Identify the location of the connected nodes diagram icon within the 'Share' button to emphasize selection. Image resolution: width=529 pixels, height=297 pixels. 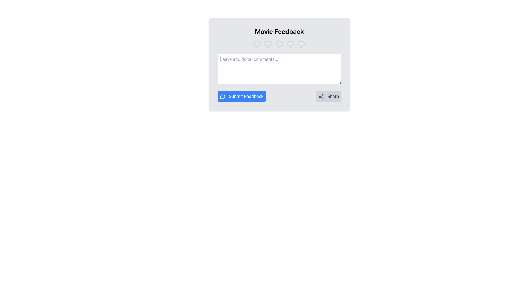
(321, 96).